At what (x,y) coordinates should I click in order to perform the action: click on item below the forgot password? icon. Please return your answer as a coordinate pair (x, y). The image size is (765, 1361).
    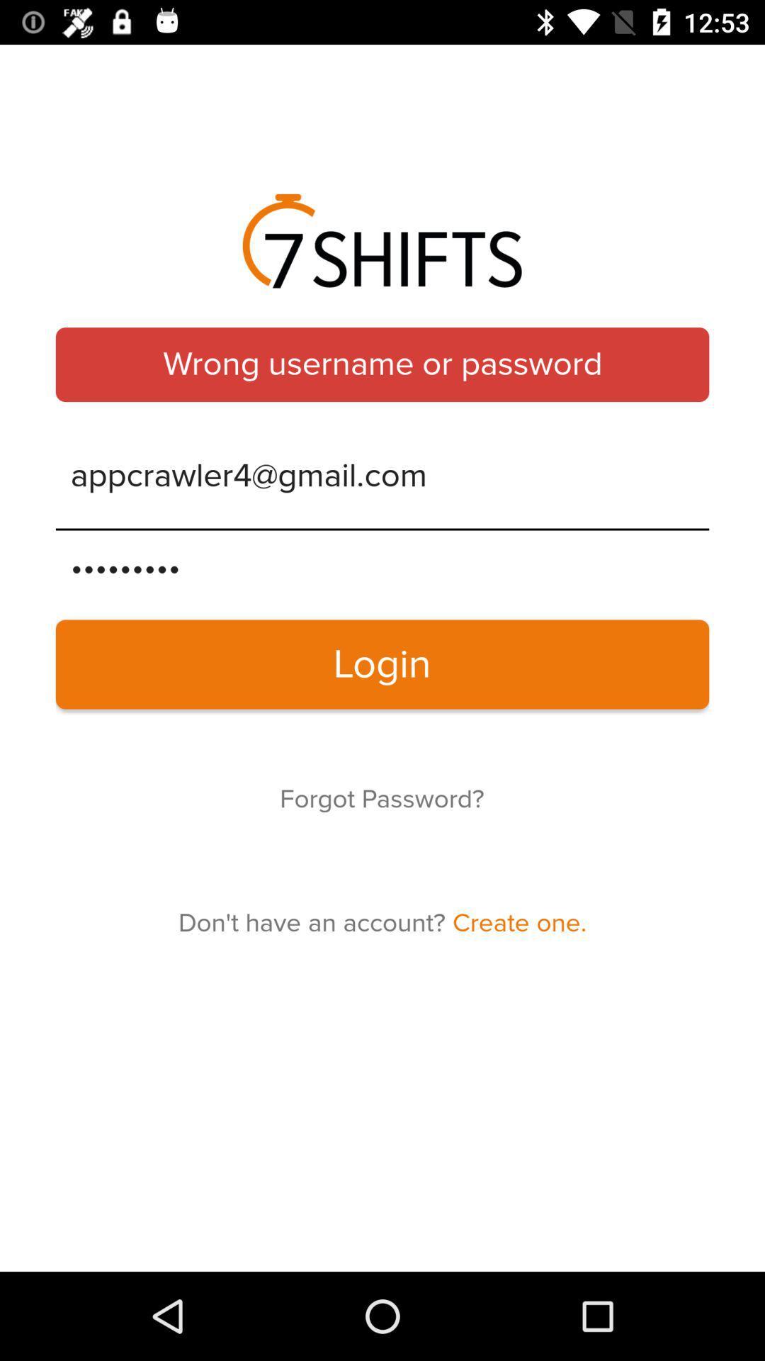
    Looking at the image, I should click on (382, 923).